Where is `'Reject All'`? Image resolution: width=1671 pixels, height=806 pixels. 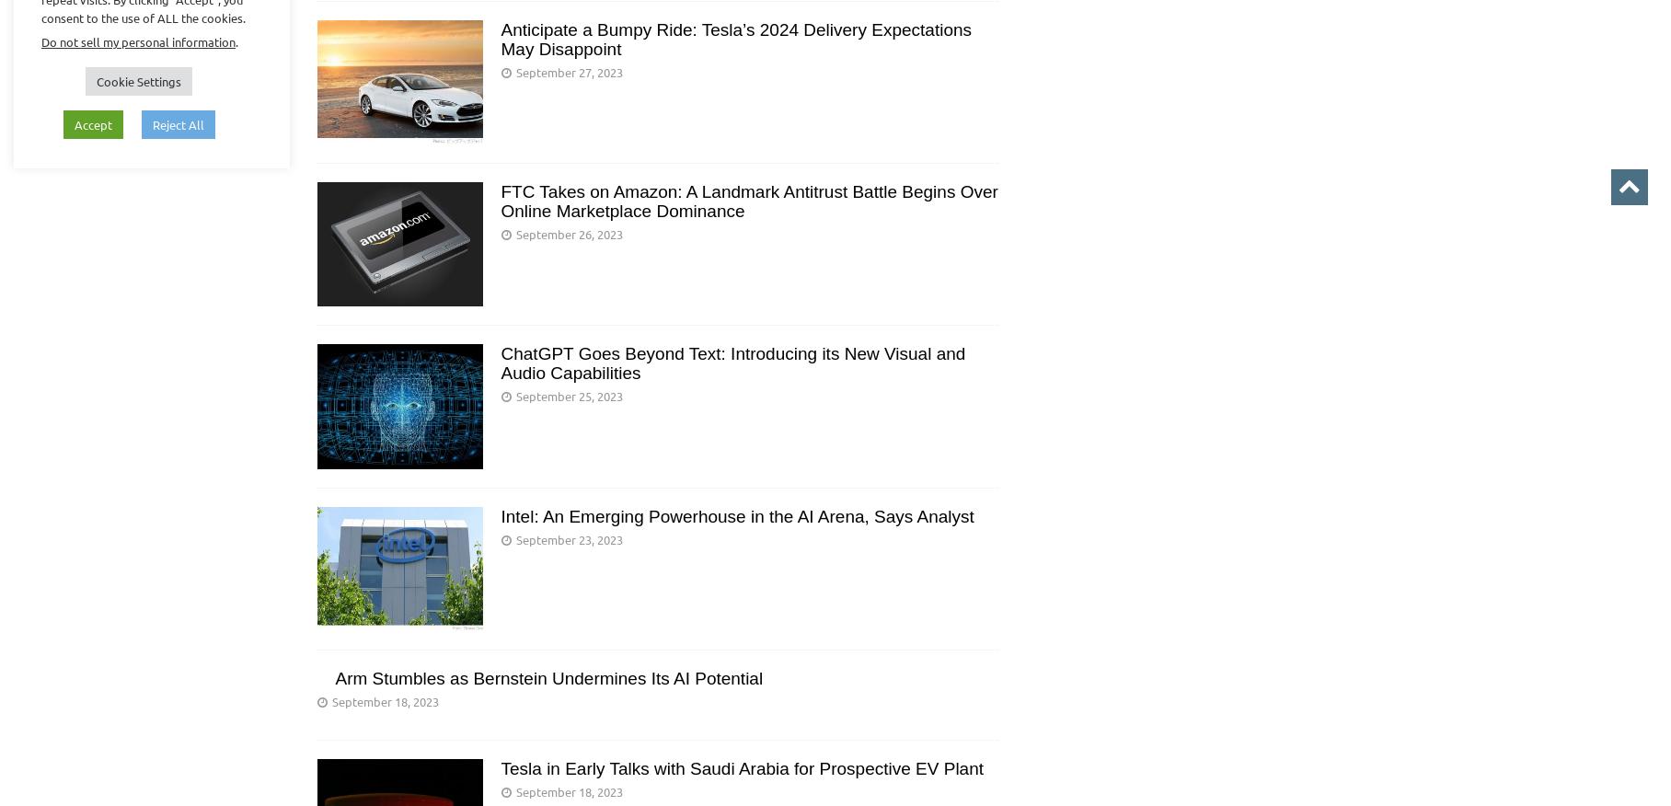
'Reject All' is located at coordinates (152, 123).